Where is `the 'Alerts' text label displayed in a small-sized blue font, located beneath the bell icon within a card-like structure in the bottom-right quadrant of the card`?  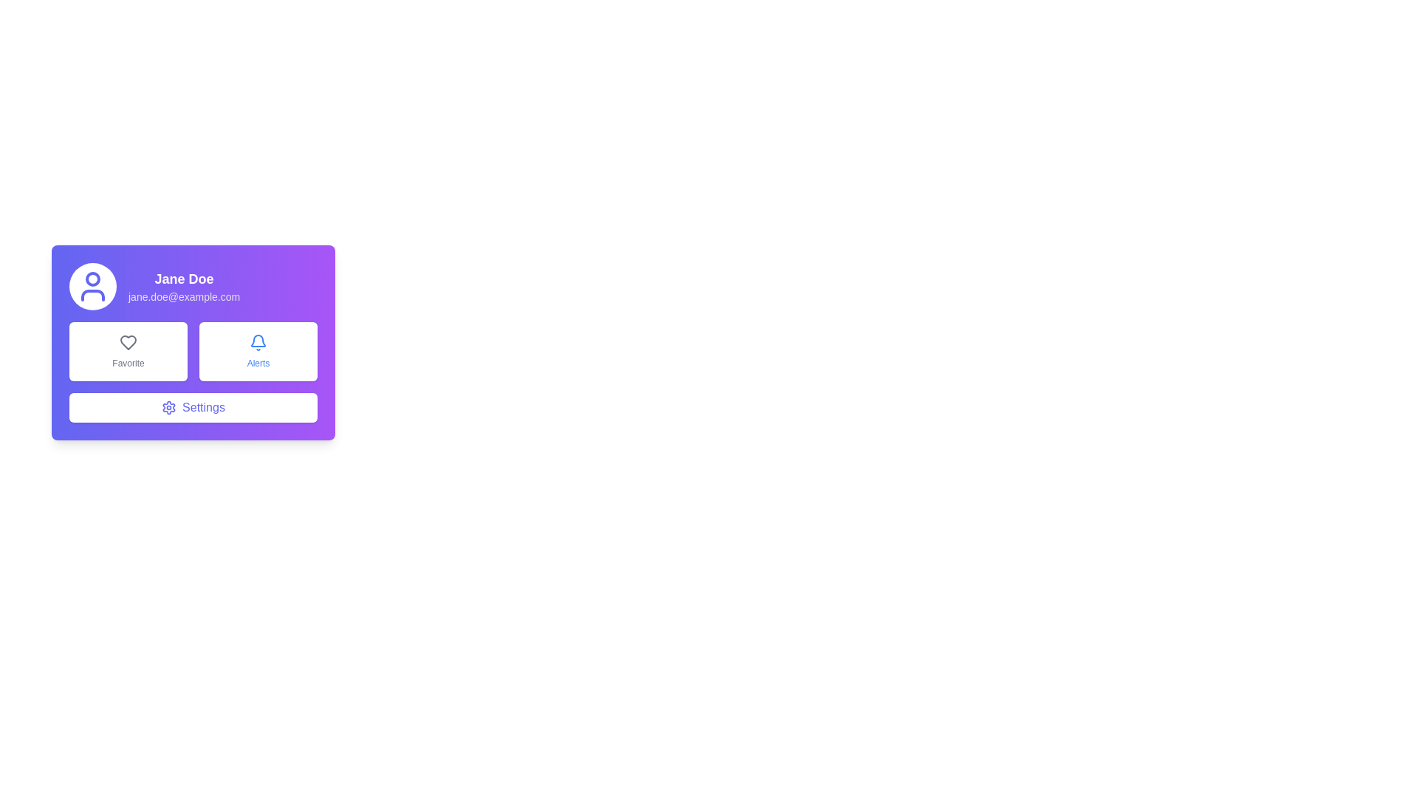
the 'Alerts' text label displayed in a small-sized blue font, located beneath the bell icon within a card-like structure in the bottom-right quadrant of the card is located at coordinates (258, 364).